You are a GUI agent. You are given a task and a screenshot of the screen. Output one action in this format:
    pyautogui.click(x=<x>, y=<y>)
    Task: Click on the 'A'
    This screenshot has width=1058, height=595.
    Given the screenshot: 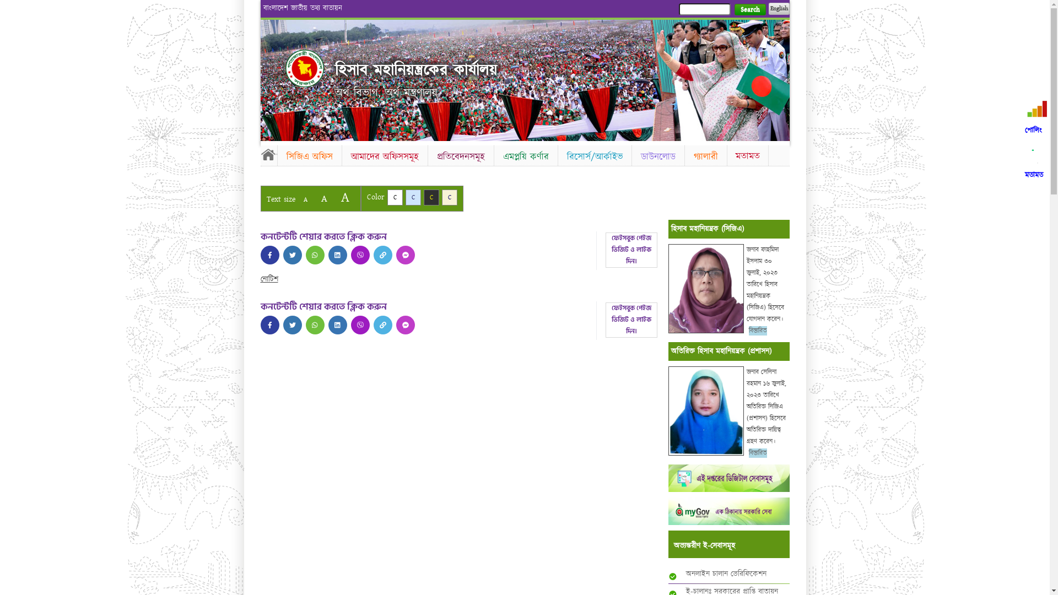 What is the action you would take?
    pyautogui.click(x=323, y=198)
    